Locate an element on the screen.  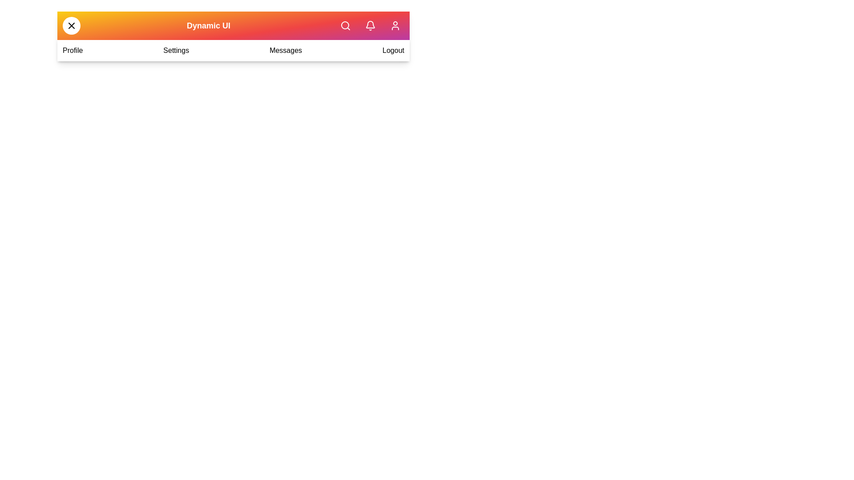
the user profile button is located at coordinates (395, 25).